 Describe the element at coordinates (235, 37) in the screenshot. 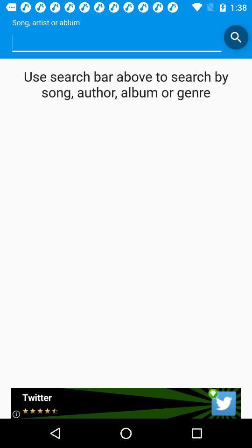

I see `search bar` at that location.